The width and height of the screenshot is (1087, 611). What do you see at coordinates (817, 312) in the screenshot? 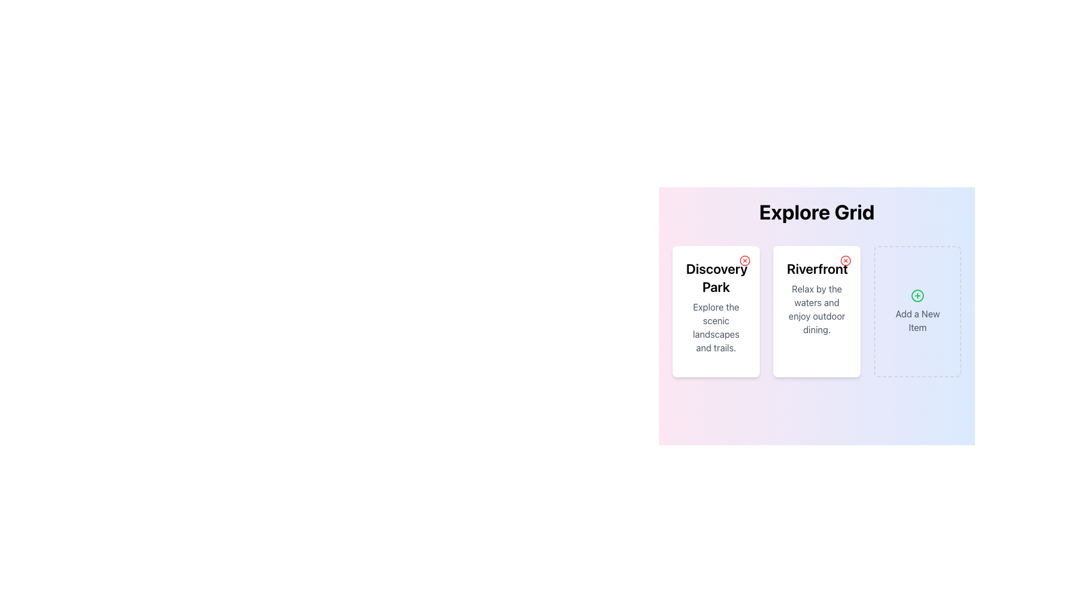
I see `information displayed on the 'Riverfront' Information Card, which is the middle card in a row of three cards located between 'Discovery Park' and 'Add a New Item'` at bounding box center [817, 312].